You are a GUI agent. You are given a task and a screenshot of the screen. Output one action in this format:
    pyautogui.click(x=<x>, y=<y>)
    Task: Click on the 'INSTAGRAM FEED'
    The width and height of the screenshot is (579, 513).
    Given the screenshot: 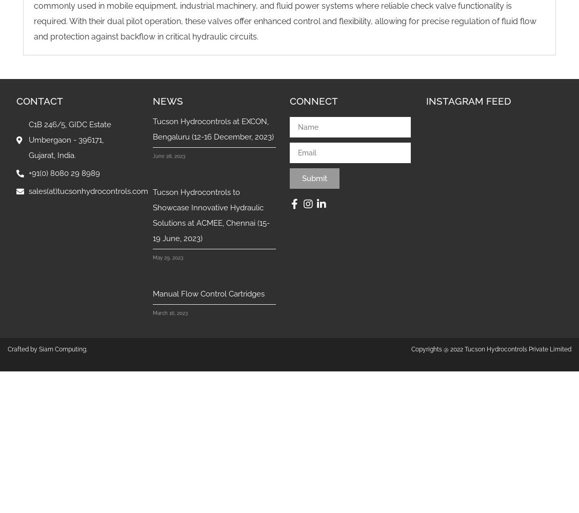 What is the action you would take?
    pyautogui.click(x=468, y=100)
    